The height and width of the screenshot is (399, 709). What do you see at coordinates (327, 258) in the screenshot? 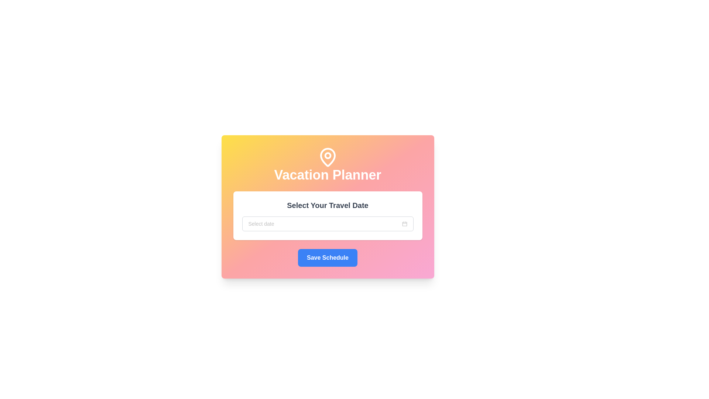
I see `the save button located at the bottom center of the Vacation Planner interface` at bounding box center [327, 258].